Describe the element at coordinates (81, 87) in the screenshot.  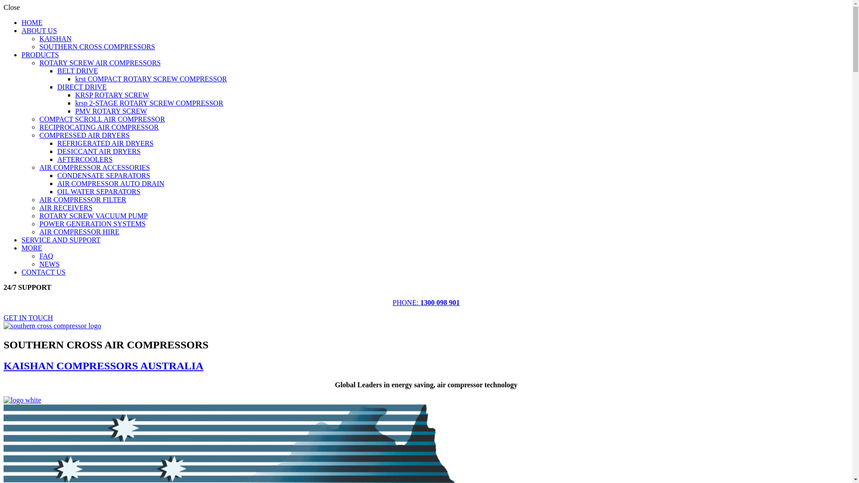
I see `'DIRECT DRIVE'` at that location.